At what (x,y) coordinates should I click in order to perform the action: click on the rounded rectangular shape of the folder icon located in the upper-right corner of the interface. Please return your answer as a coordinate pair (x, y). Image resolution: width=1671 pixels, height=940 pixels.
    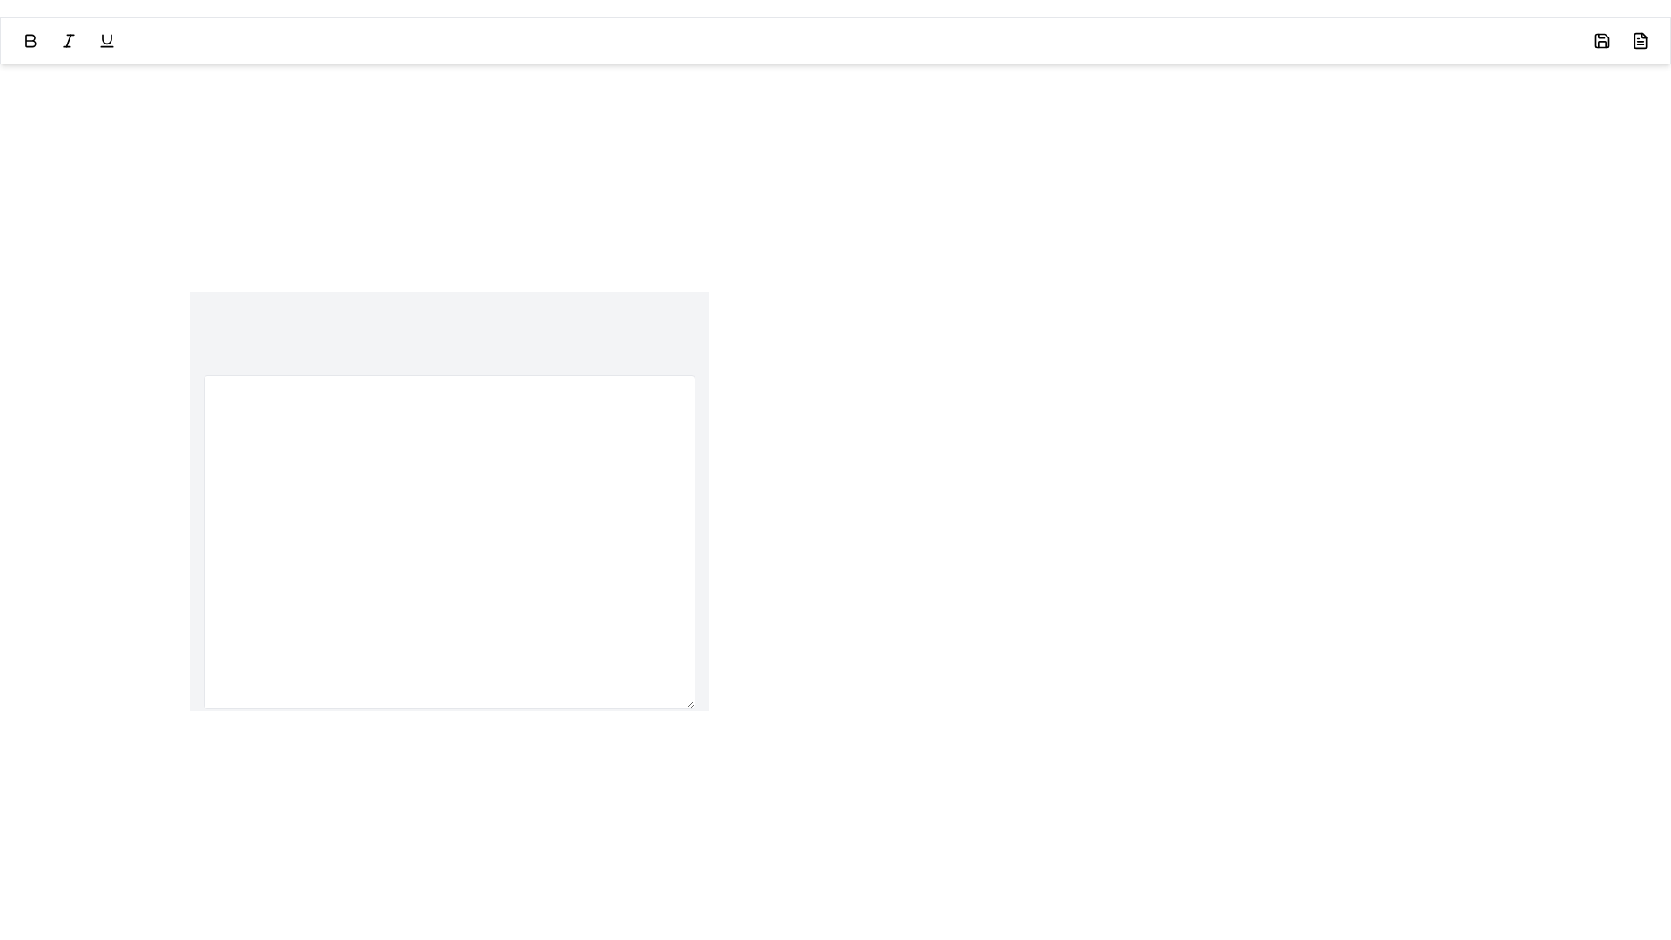
    Looking at the image, I should click on (1601, 39).